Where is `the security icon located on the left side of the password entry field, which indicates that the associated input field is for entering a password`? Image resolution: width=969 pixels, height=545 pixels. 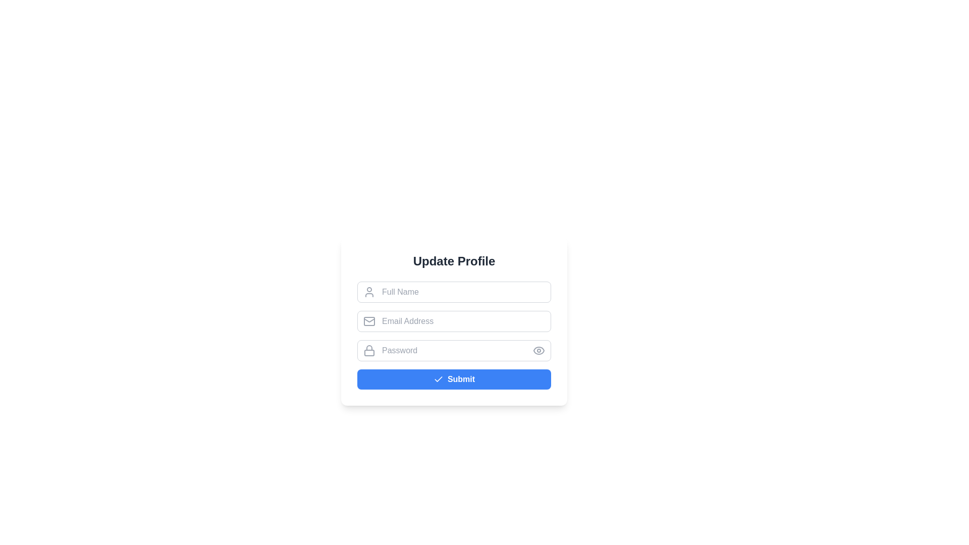
the security icon located on the left side of the password entry field, which indicates that the associated input field is for entering a password is located at coordinates (368, 347).